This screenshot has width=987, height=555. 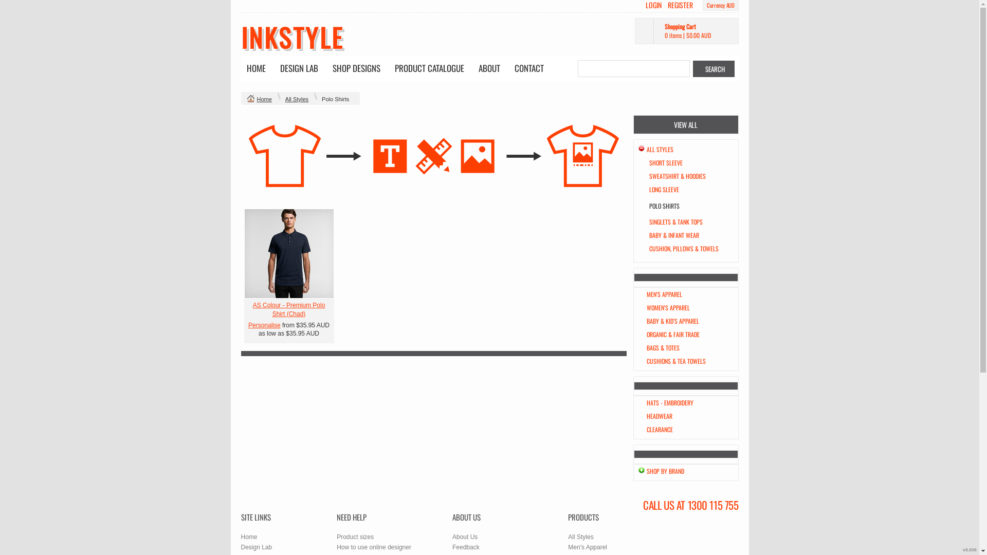 I want to click on 'PRODUCT CATALOGUE', so click(x=429, y=69).